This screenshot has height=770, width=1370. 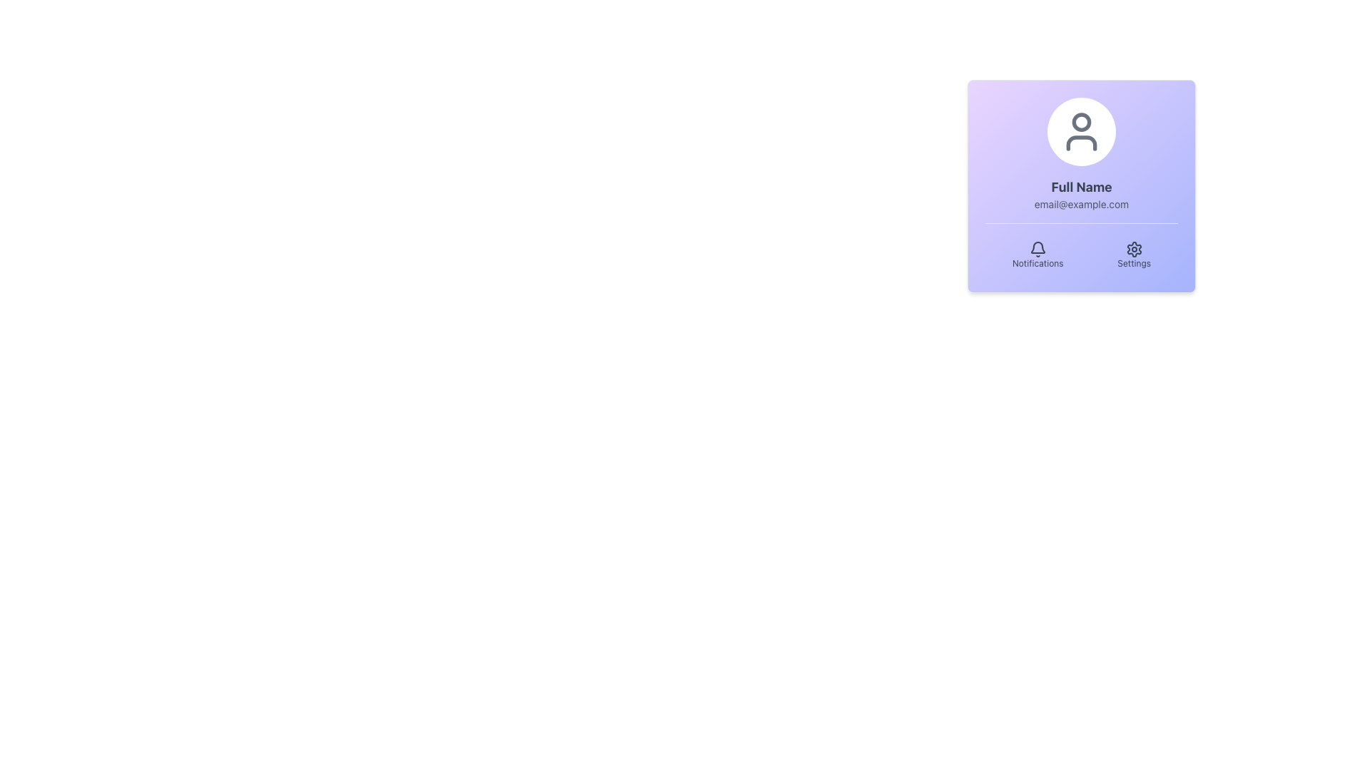 I want to click on text from the bold gray text label displaying 'Full Name', located in the center section of the card interface, positioned below the user icon and above the email address, so click(x=1082, y=186).